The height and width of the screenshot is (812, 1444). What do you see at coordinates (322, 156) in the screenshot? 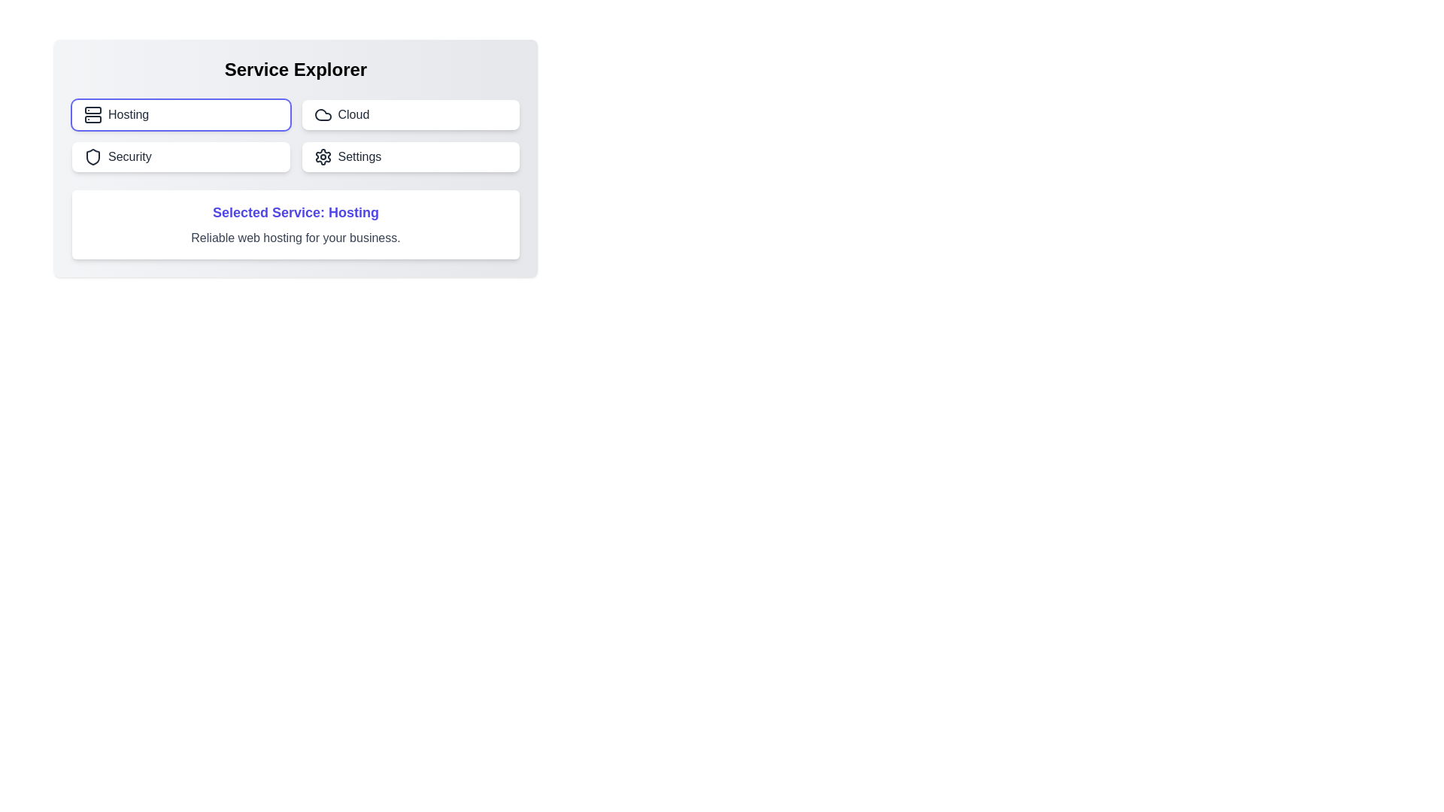
I see `the cogwheel icon within the fourth rectangular button in the 2x2 grid layout under the 'Service Explorer' heading` at bounding box center [322, 156].